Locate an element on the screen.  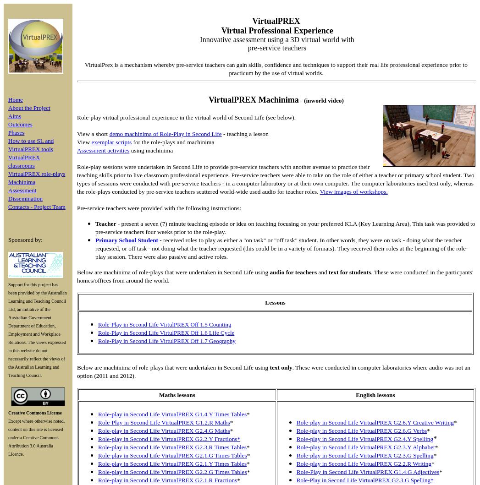
'Assessment activities' is located at coordinates (103, 150).